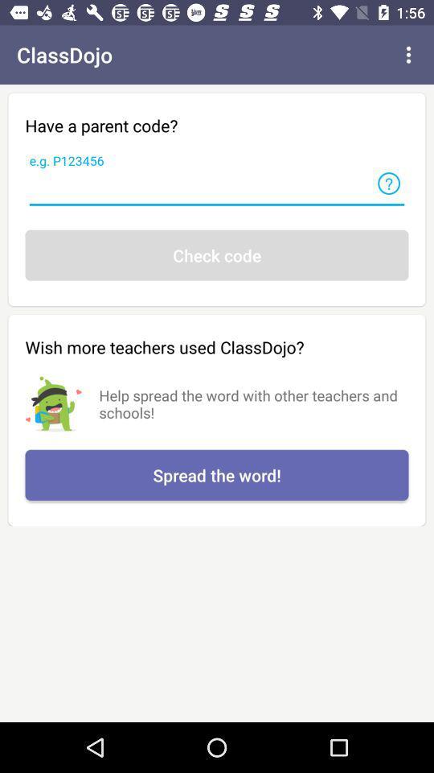 The height and width of the screenshot is (773, 434). Describe the element at coordinates (388, 184) in the screenshot. I see `get help or more information` at that location.